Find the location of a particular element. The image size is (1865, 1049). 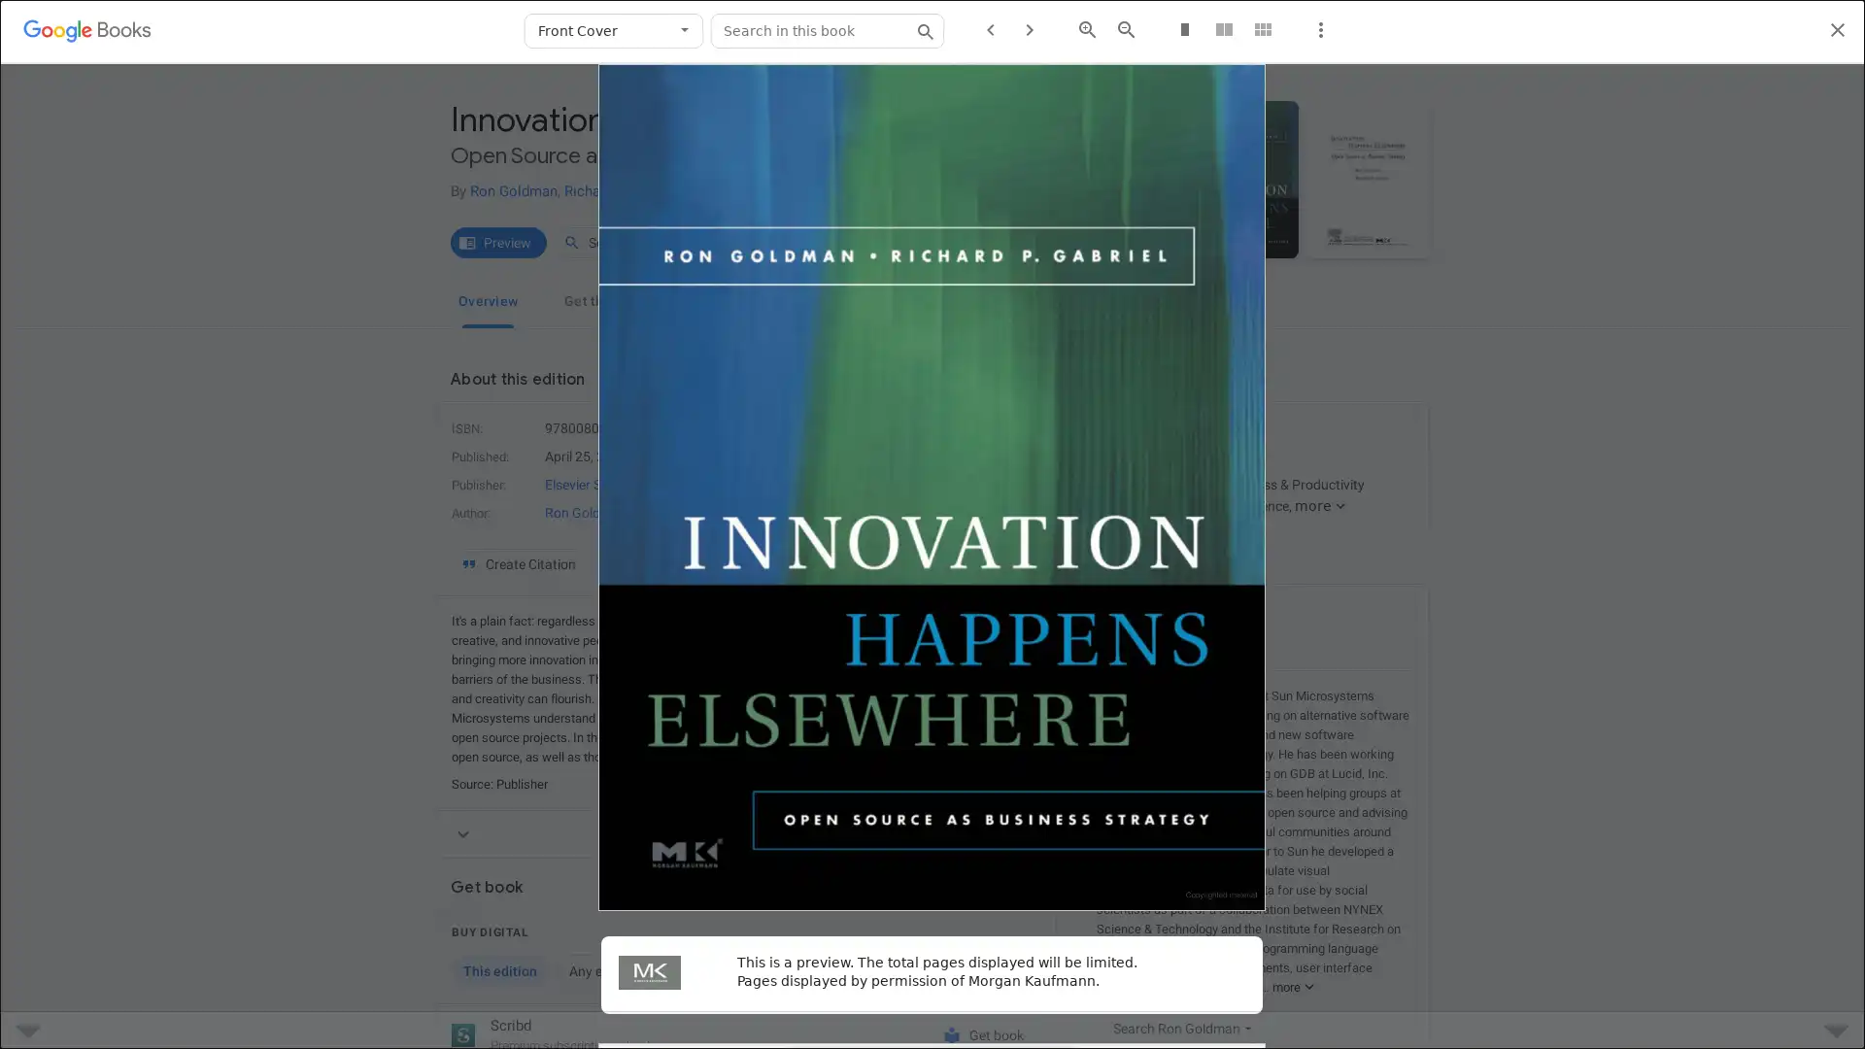

... more is located at coordinates (1289, 987).